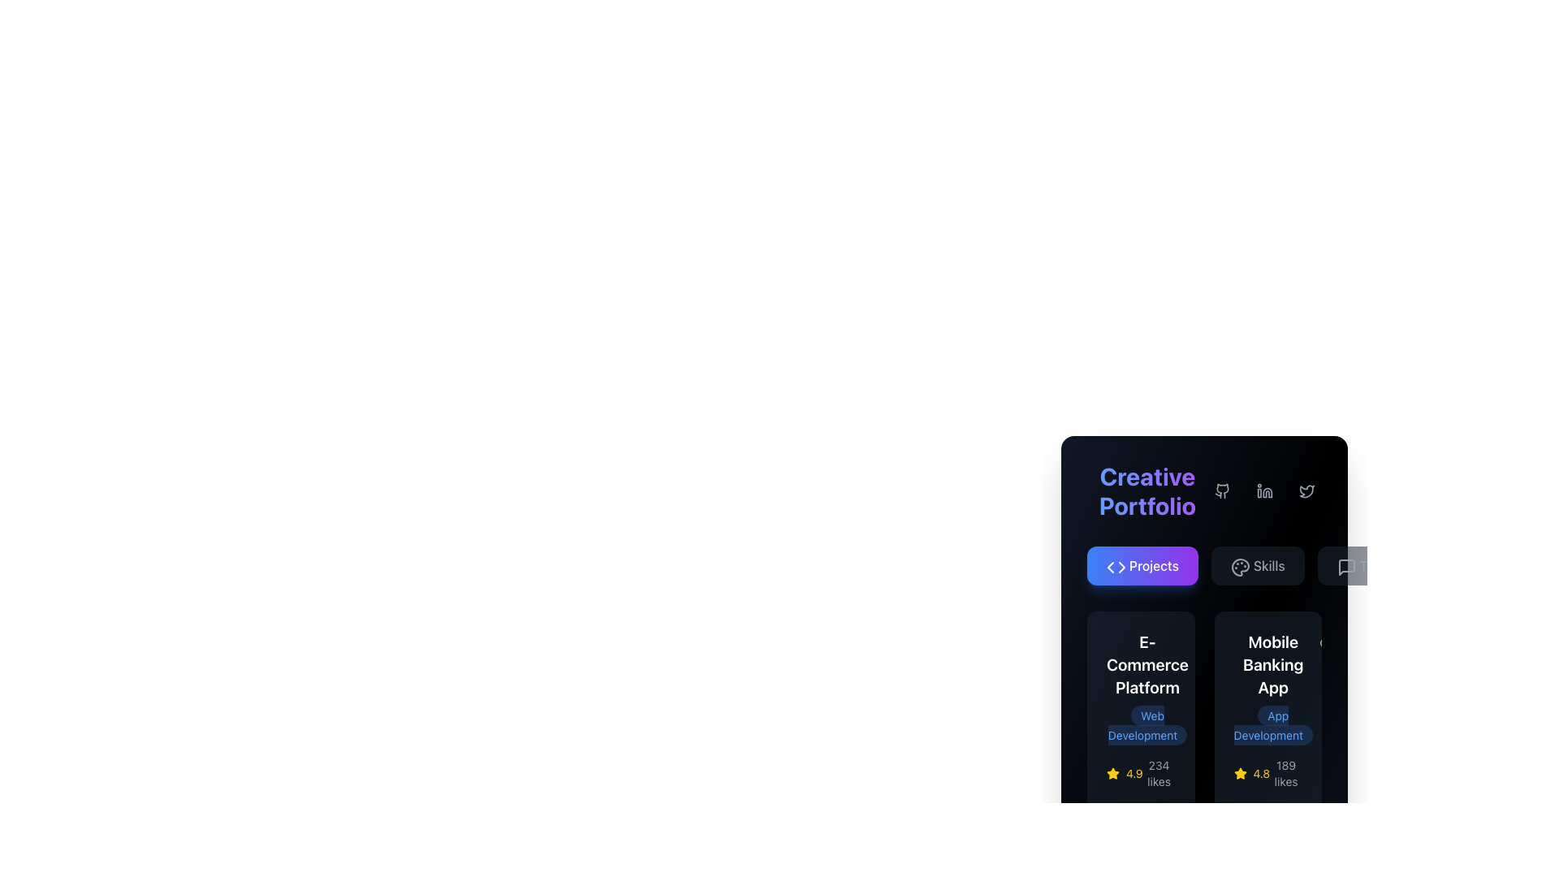  Describe the element at coordinates (1124, 772) in the screenshot. I see `rating displayed on the Label with an icon located at the bottom left of the card, which shows the item's rating score` at that location.